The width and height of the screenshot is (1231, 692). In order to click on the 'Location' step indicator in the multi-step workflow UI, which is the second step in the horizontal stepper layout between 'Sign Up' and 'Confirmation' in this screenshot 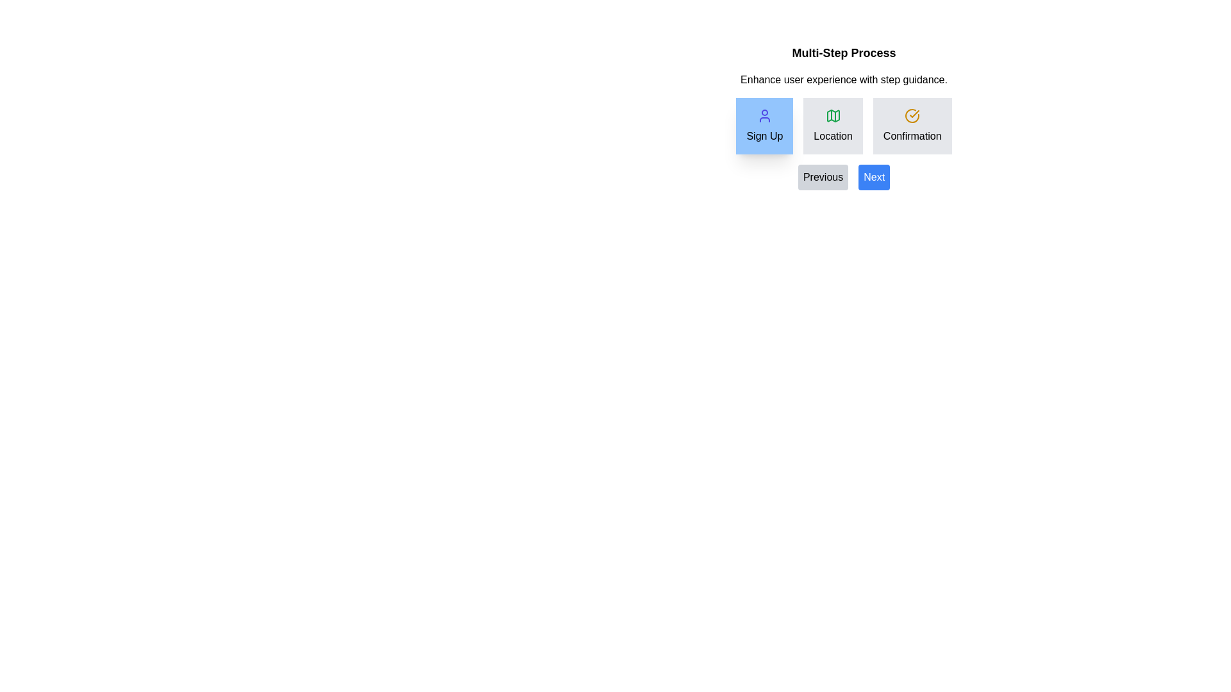, I will do `click(833, 126)`.